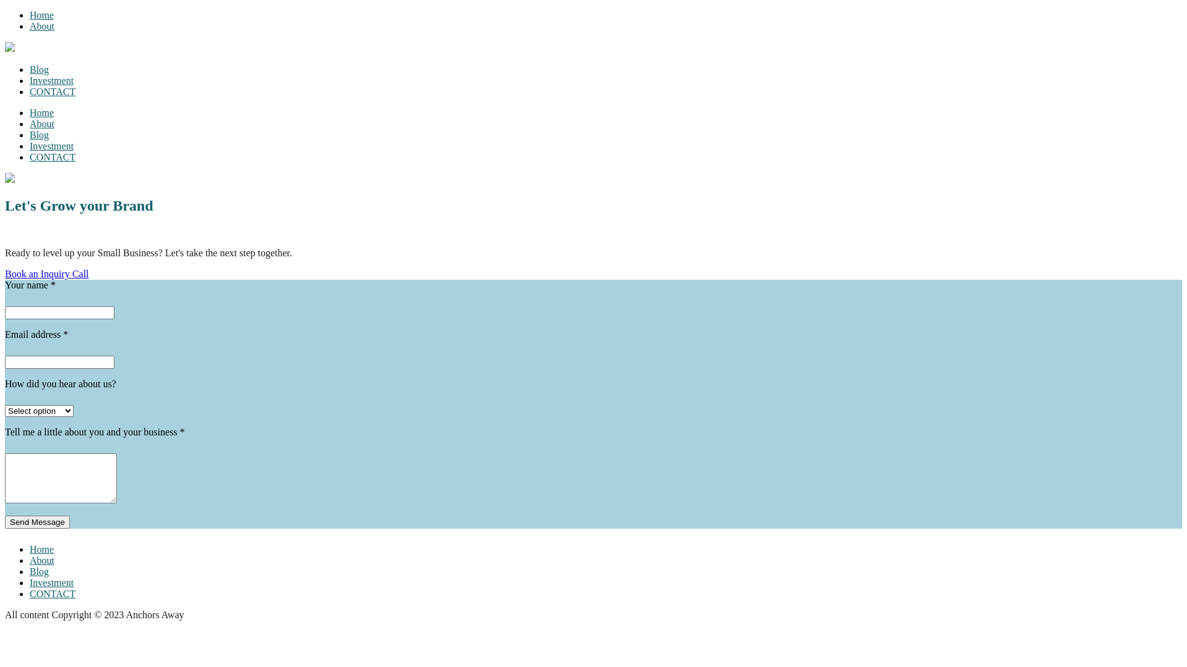 Image resolution: width=1187 pixels, height=667 pixels. I want to click on 'About', so click(41, 560).